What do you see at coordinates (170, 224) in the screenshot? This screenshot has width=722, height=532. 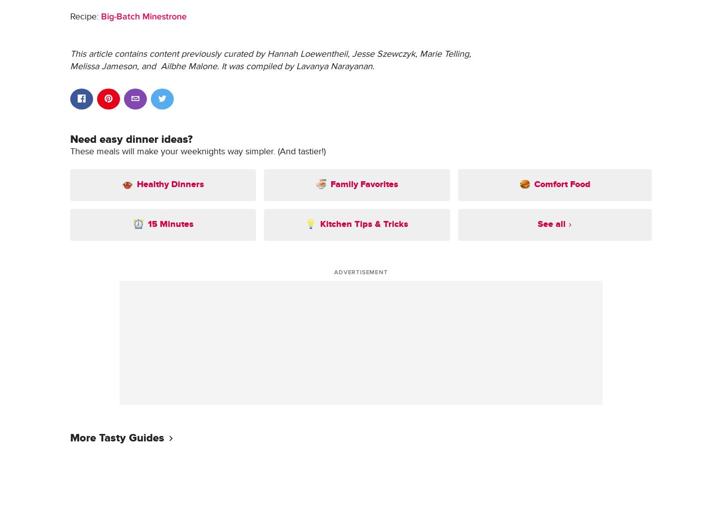 I see `'15 Minutes'` at bounding box center [170, 224].